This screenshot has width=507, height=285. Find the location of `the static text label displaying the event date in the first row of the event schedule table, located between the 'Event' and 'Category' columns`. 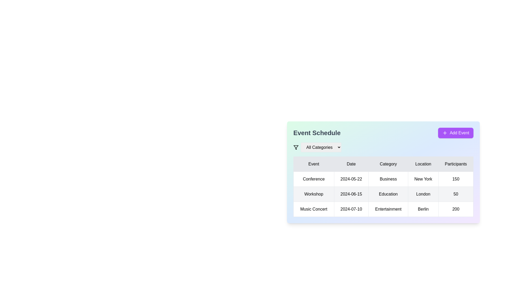

the static text label displaying the event date in the first row of the event schedule table, located between the 'Event' and 'Category' columns is located at coordinates (351, 179).